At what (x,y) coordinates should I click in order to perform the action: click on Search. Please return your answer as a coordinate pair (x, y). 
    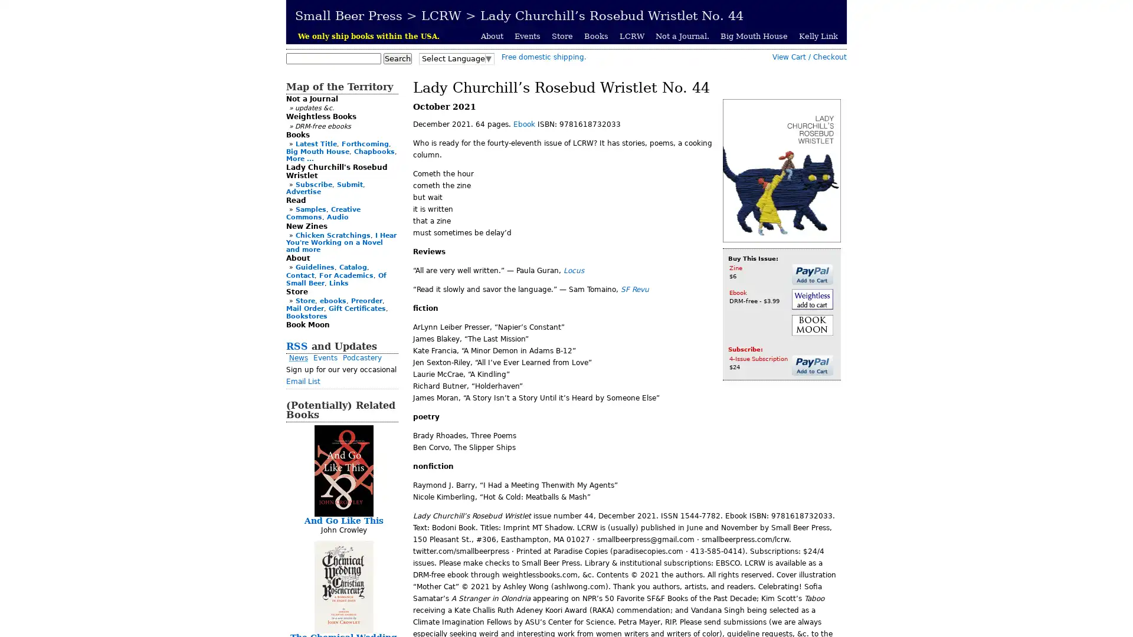
    Looking at the image, I should click on (397, 58).